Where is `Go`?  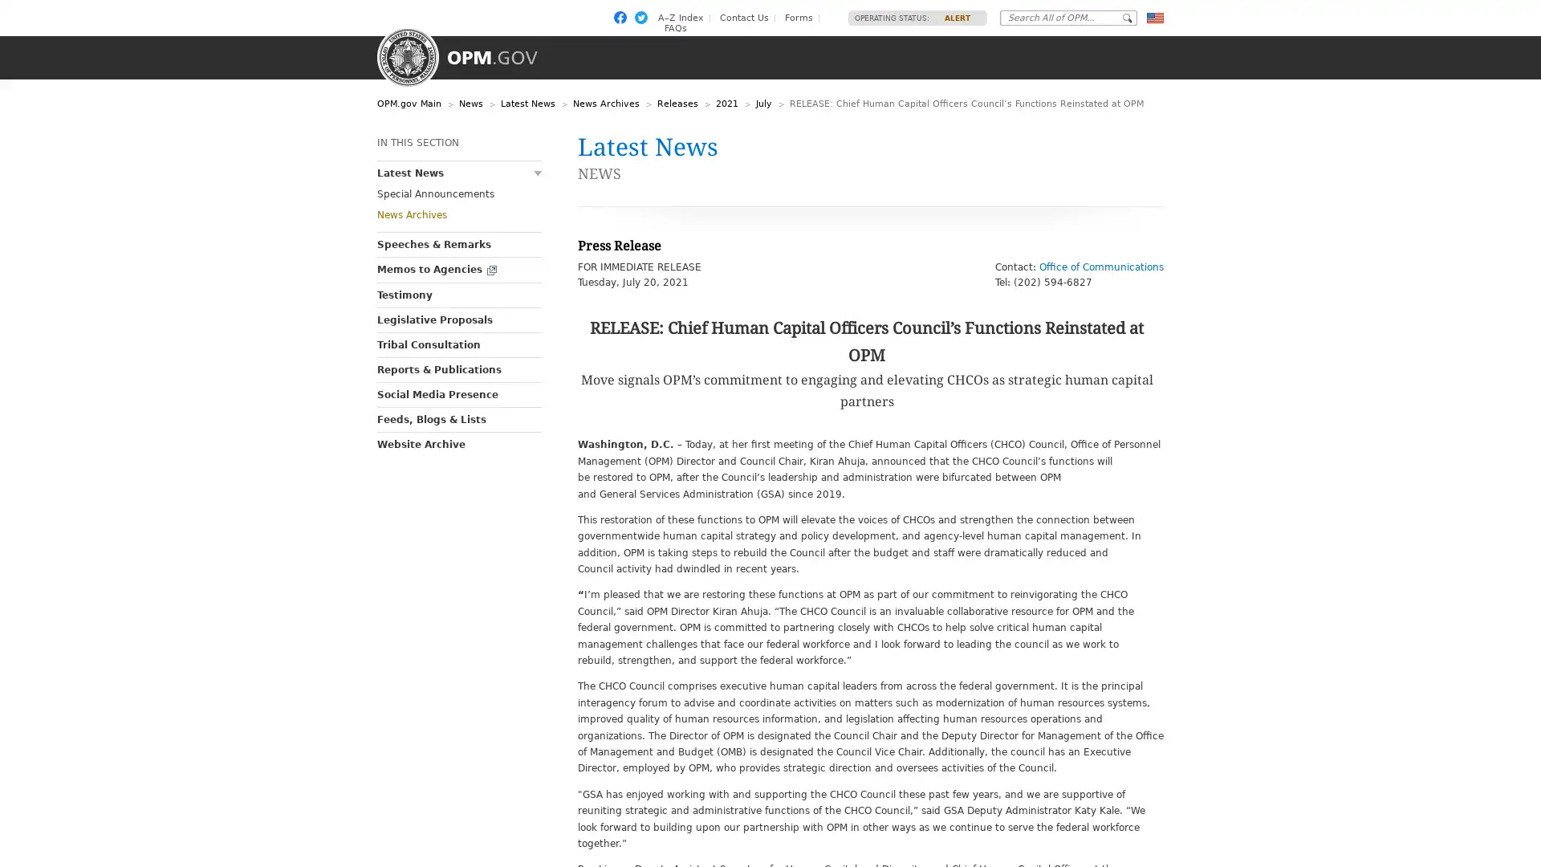 Go is located at coordinates (1127, 18).